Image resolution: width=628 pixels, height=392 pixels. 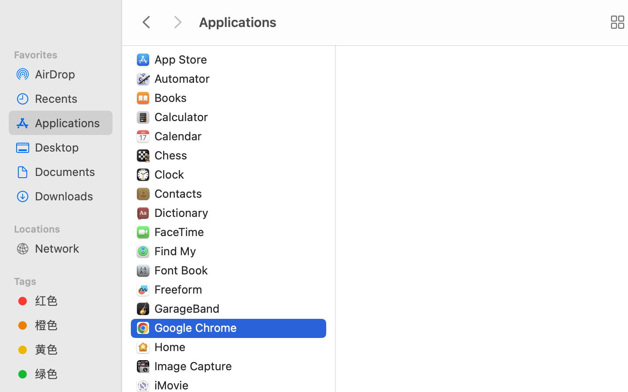 What do you see at coordinates (195, 365) in the screenshot?
I see `'Image Capture'` at bounding box center [195, 365].